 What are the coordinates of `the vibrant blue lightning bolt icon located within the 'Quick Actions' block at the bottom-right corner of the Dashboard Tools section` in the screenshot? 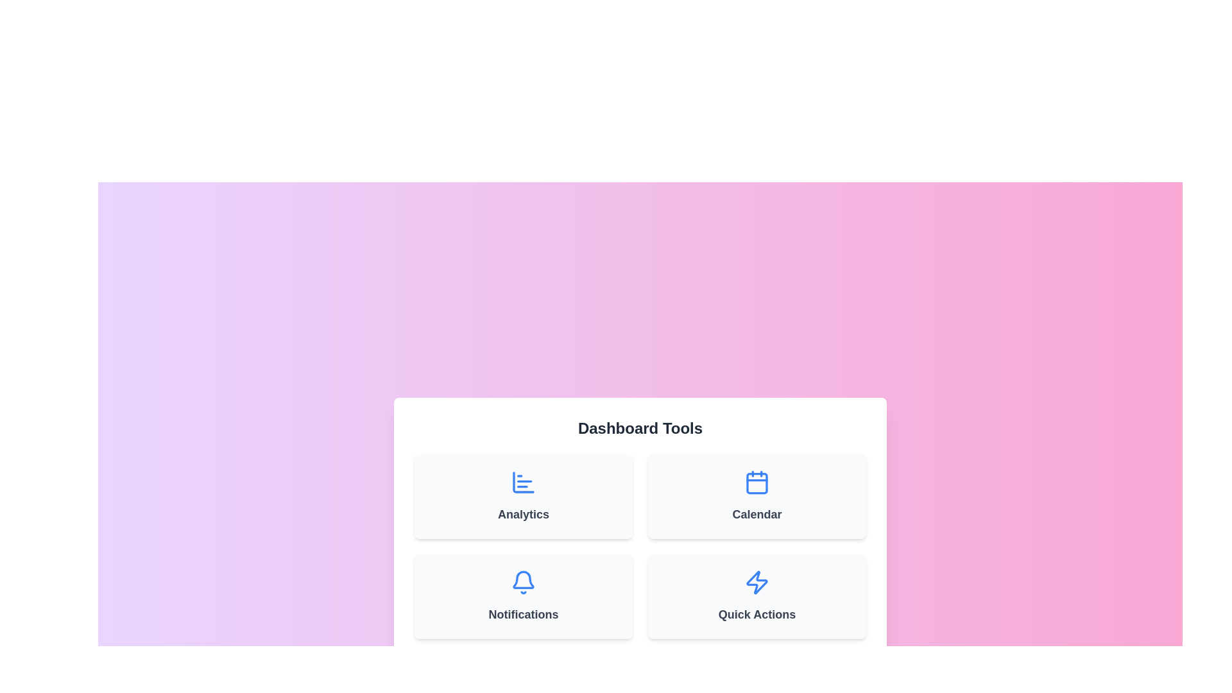 It's located at (757, 582).